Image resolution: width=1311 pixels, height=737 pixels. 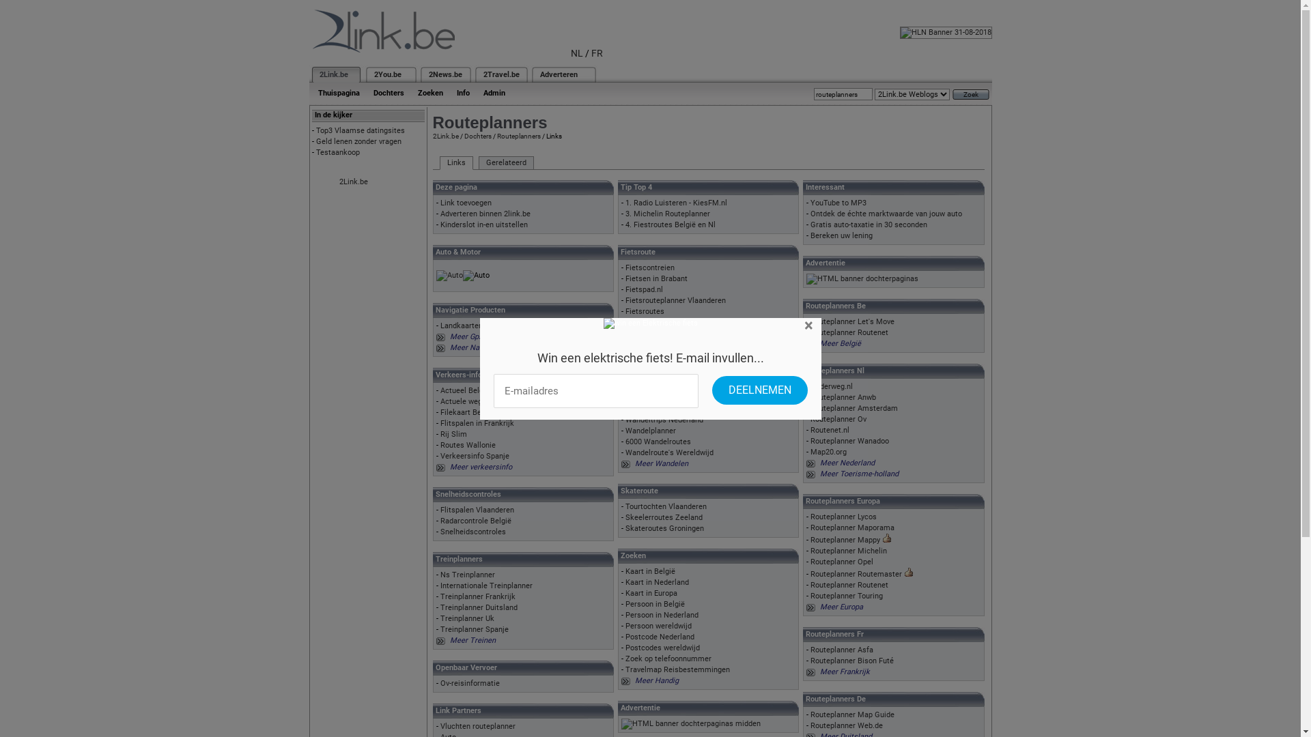 What do you see at coordinates (337, 152) in the screenshot?
I see `'Testaankoop'` at bounding box center [337, 152].